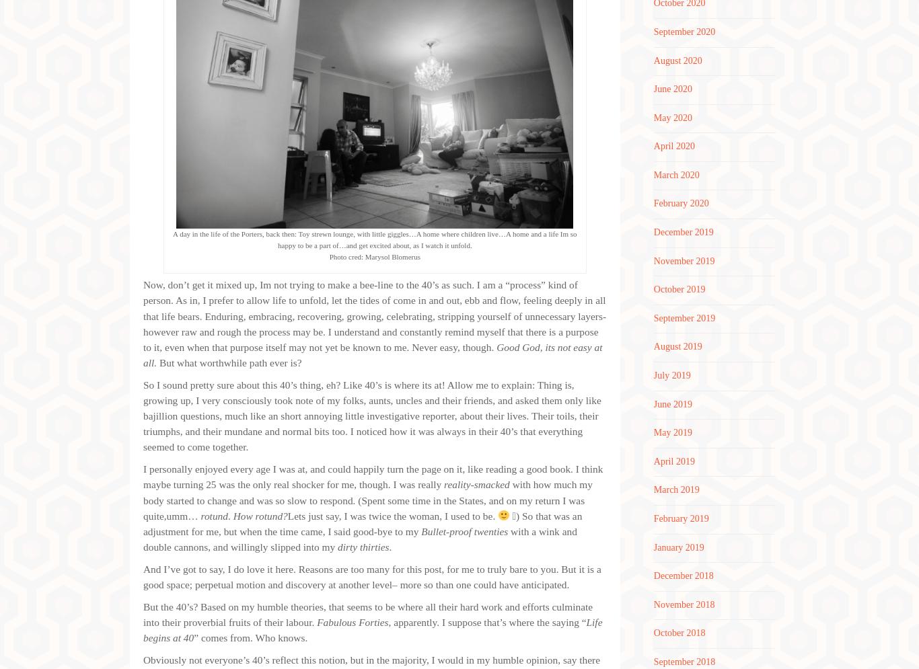 The width and height of the screenshot is (919, 669). Describe the element at coordinates (653, 403) in the screenshot. I see `'June 2019'` at that location.